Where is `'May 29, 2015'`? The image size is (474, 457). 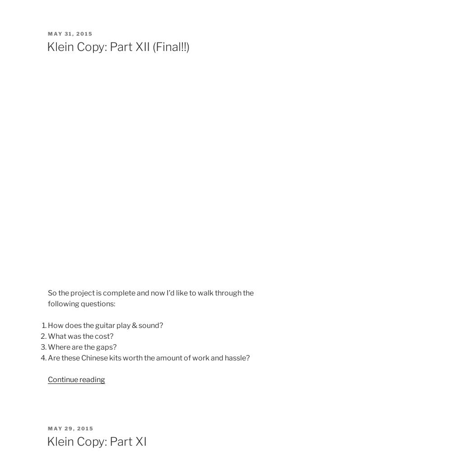
'May 29, 2015' is located at coordinates (70, 428).